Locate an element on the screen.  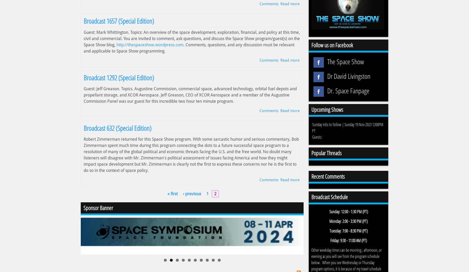
'Dr David Livingston' is located at coordinates (326, 76).